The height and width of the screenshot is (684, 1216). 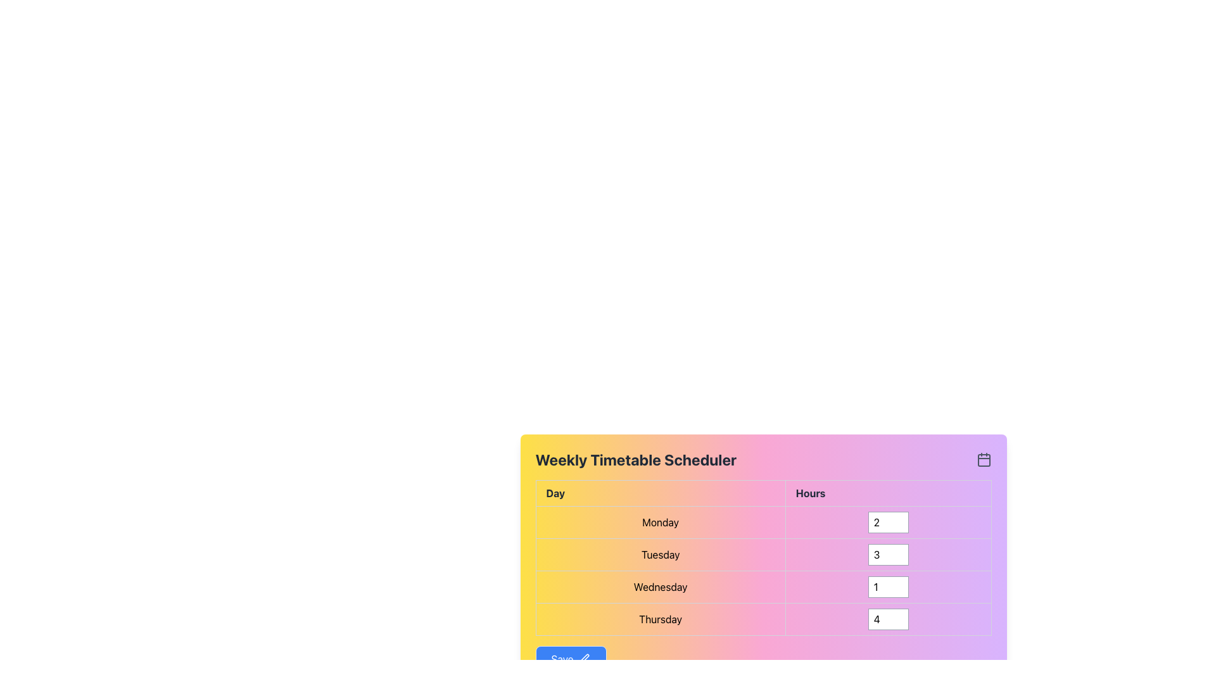 What do you see at coordinates (584, 659) in the screenshot?
I see `the editing feature icon within the blue 'Save' button` at bounding box center [584, 659].